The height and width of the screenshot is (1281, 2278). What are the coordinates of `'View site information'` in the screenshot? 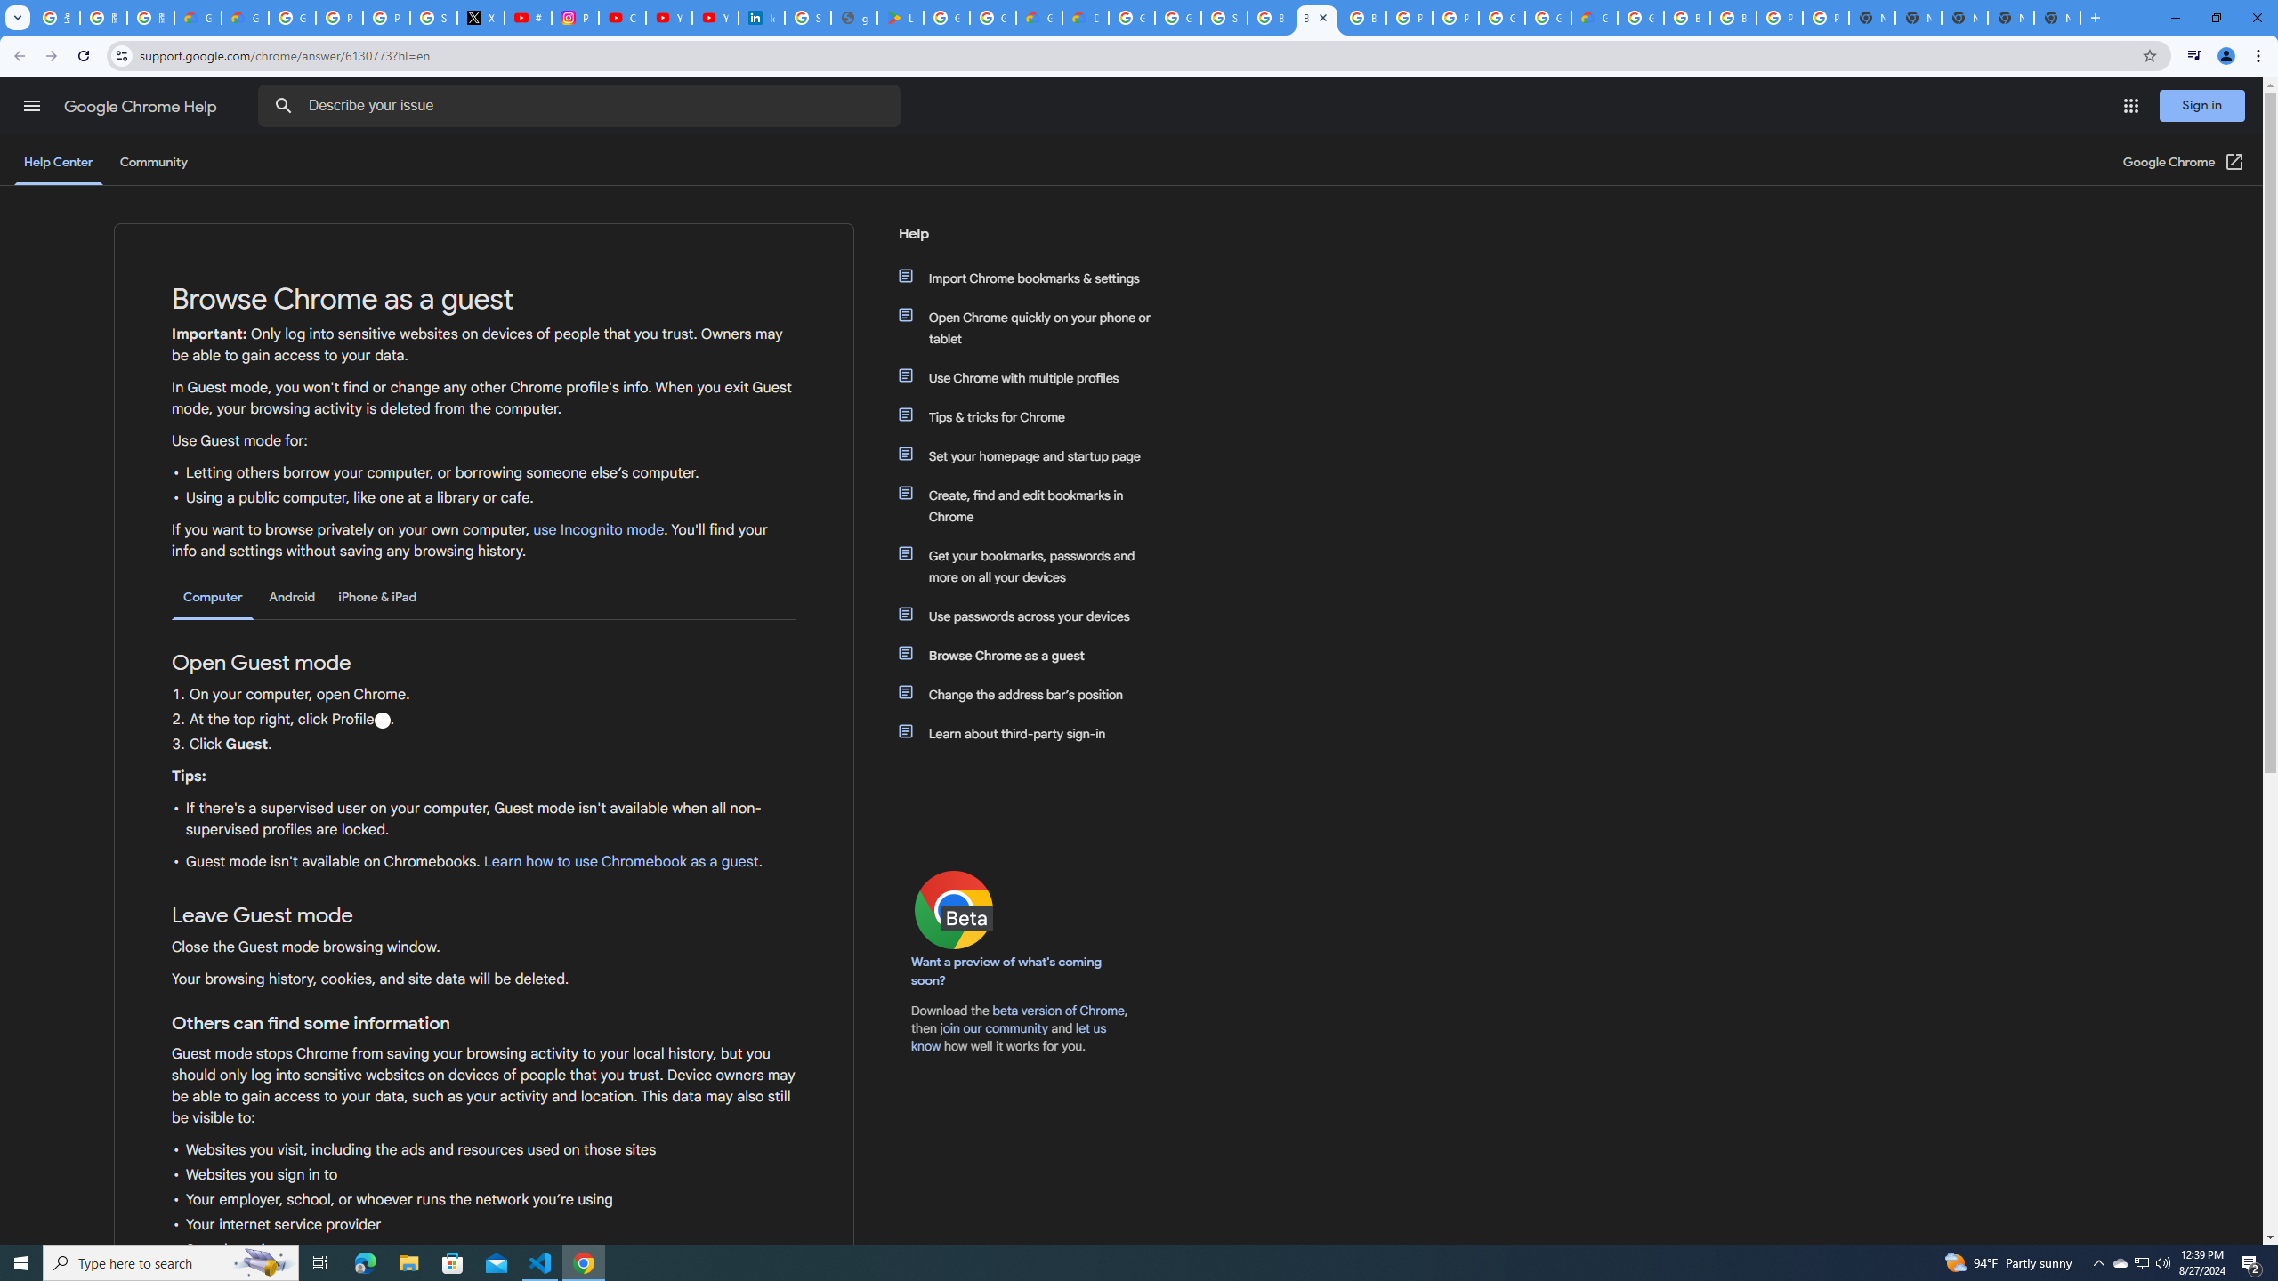 It's located at (120, 54).